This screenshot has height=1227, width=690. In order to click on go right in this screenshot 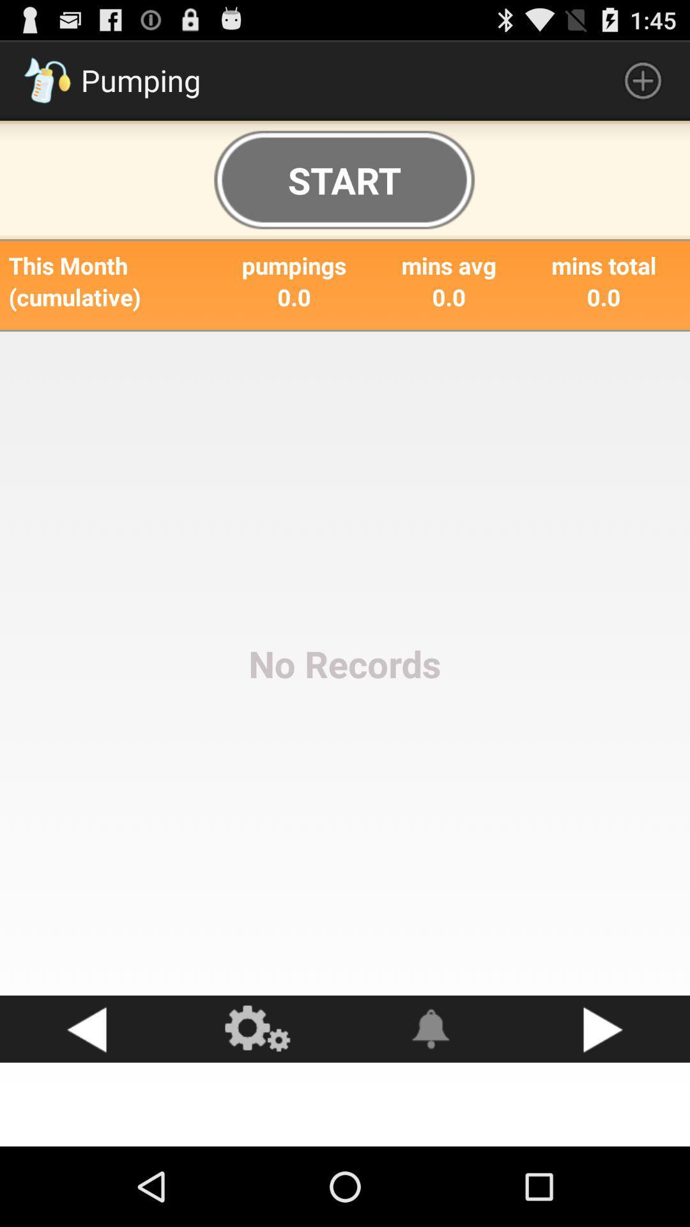, I will do `click(604, 1029)`.